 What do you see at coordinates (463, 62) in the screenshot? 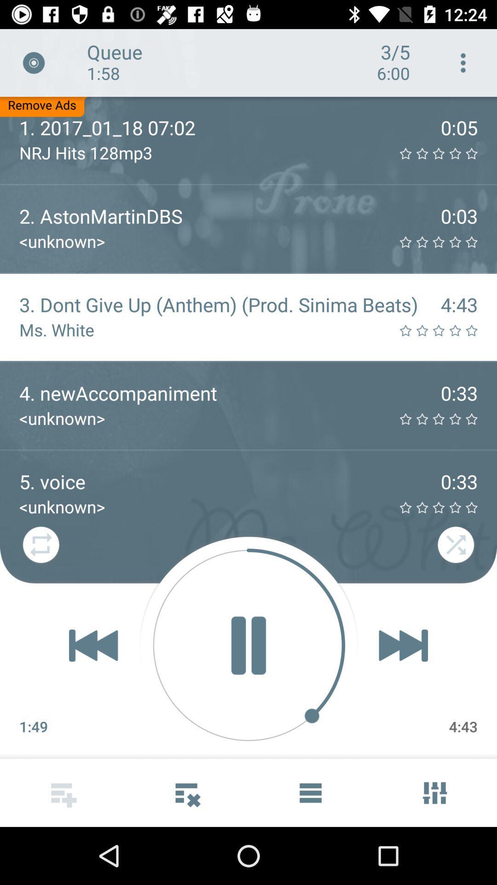
I see `the icon next to the 3/5` at bounding box center [463, 62].